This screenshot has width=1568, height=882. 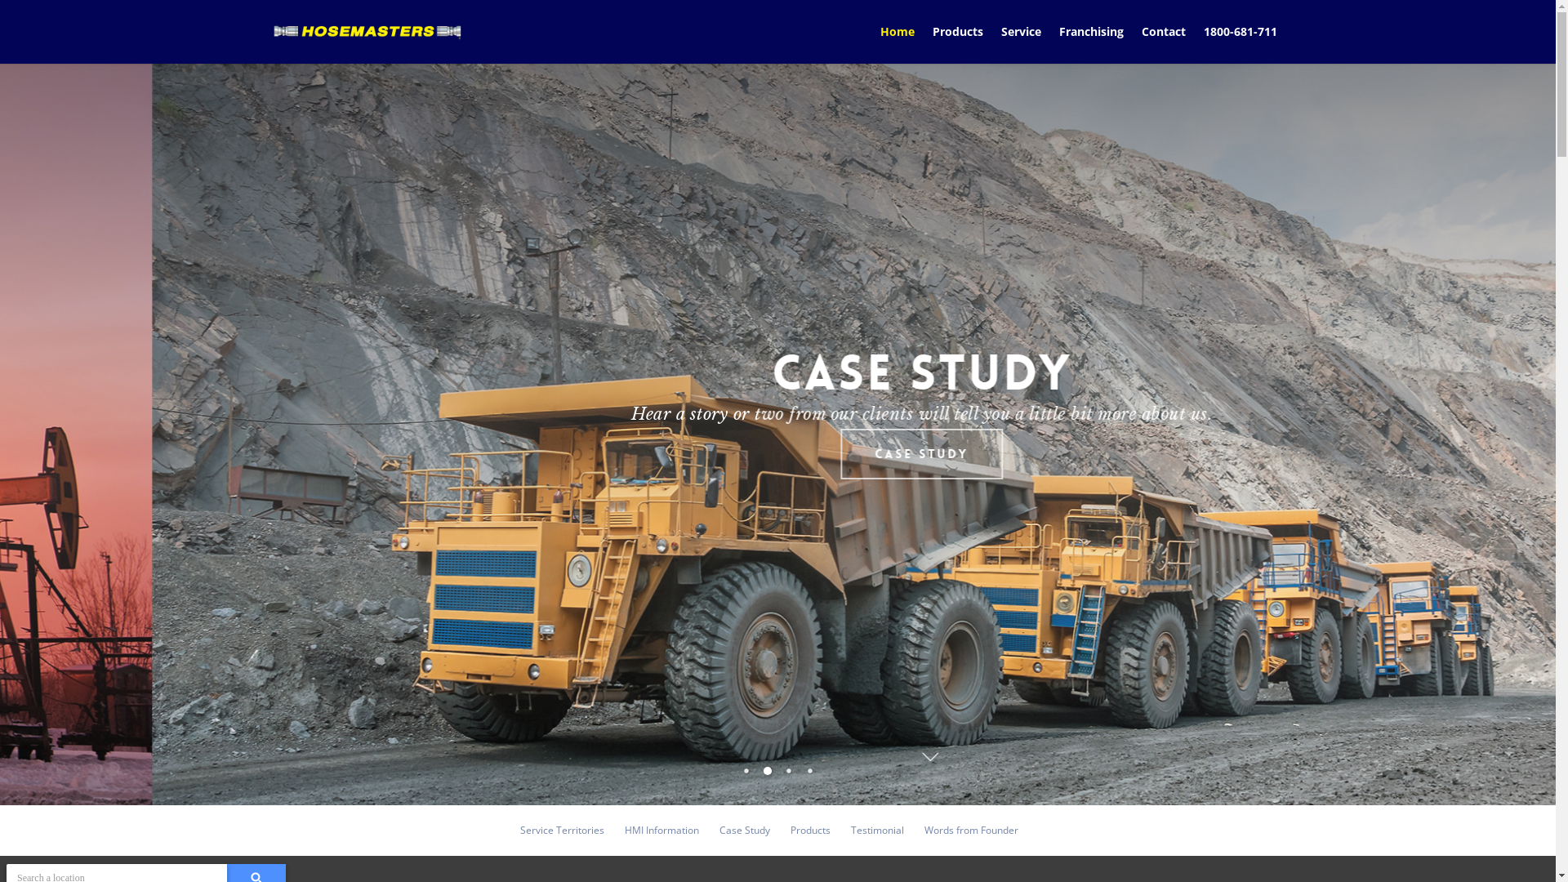 What do you see at coordinates (1020, 42) in the screenshot?
I see `'Service'` at bounding box center [1020, 42].